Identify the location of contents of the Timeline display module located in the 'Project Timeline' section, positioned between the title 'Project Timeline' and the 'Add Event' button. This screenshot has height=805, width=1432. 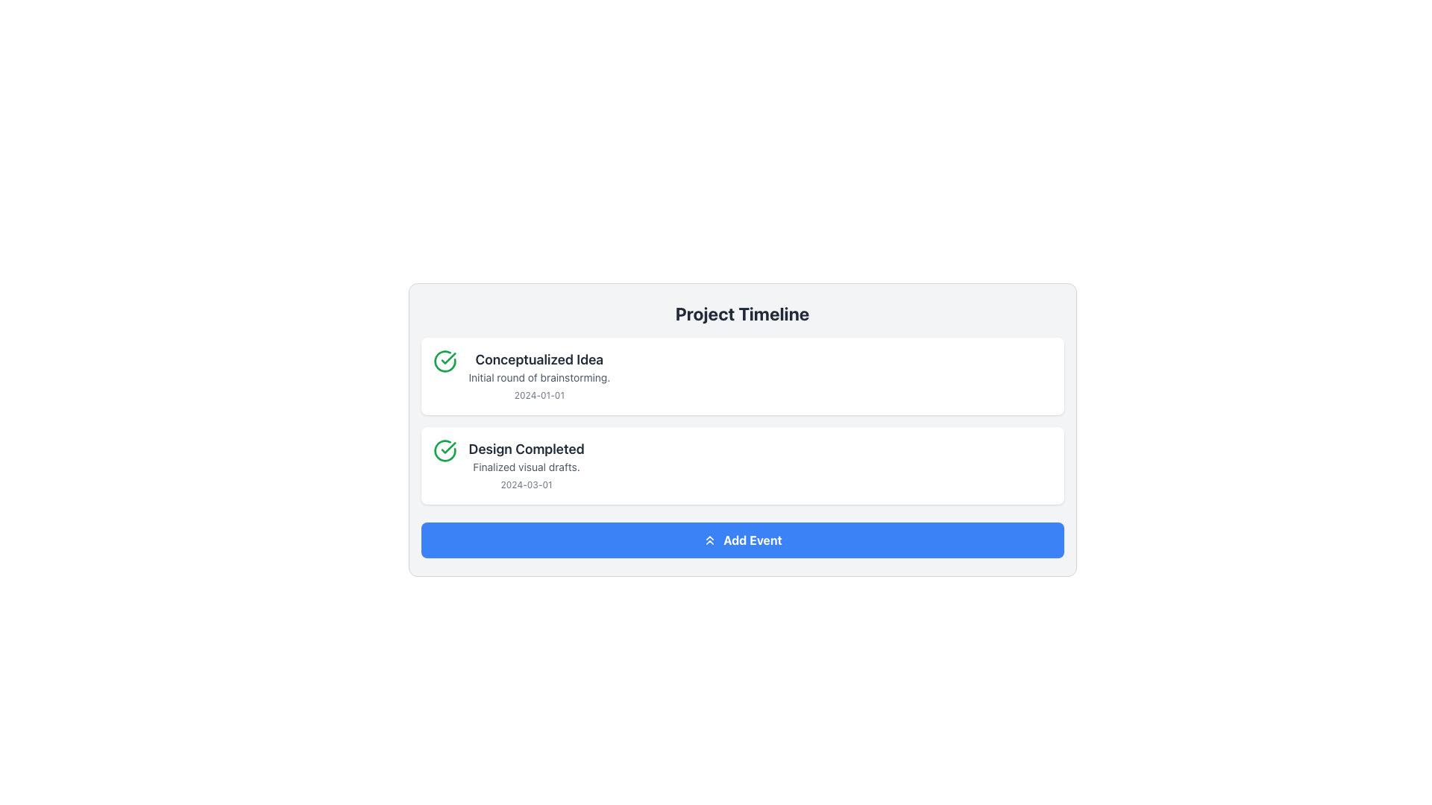
(742, 420).